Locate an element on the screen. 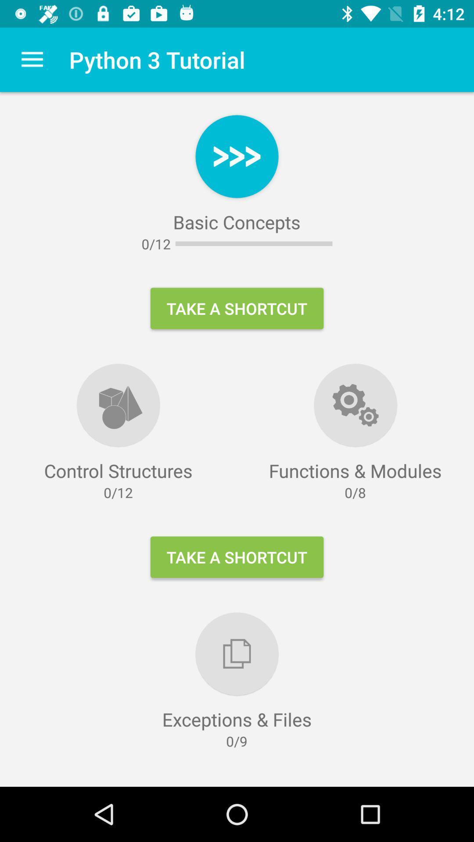  icon above the control structures icon is located at coordinates (32, 59).